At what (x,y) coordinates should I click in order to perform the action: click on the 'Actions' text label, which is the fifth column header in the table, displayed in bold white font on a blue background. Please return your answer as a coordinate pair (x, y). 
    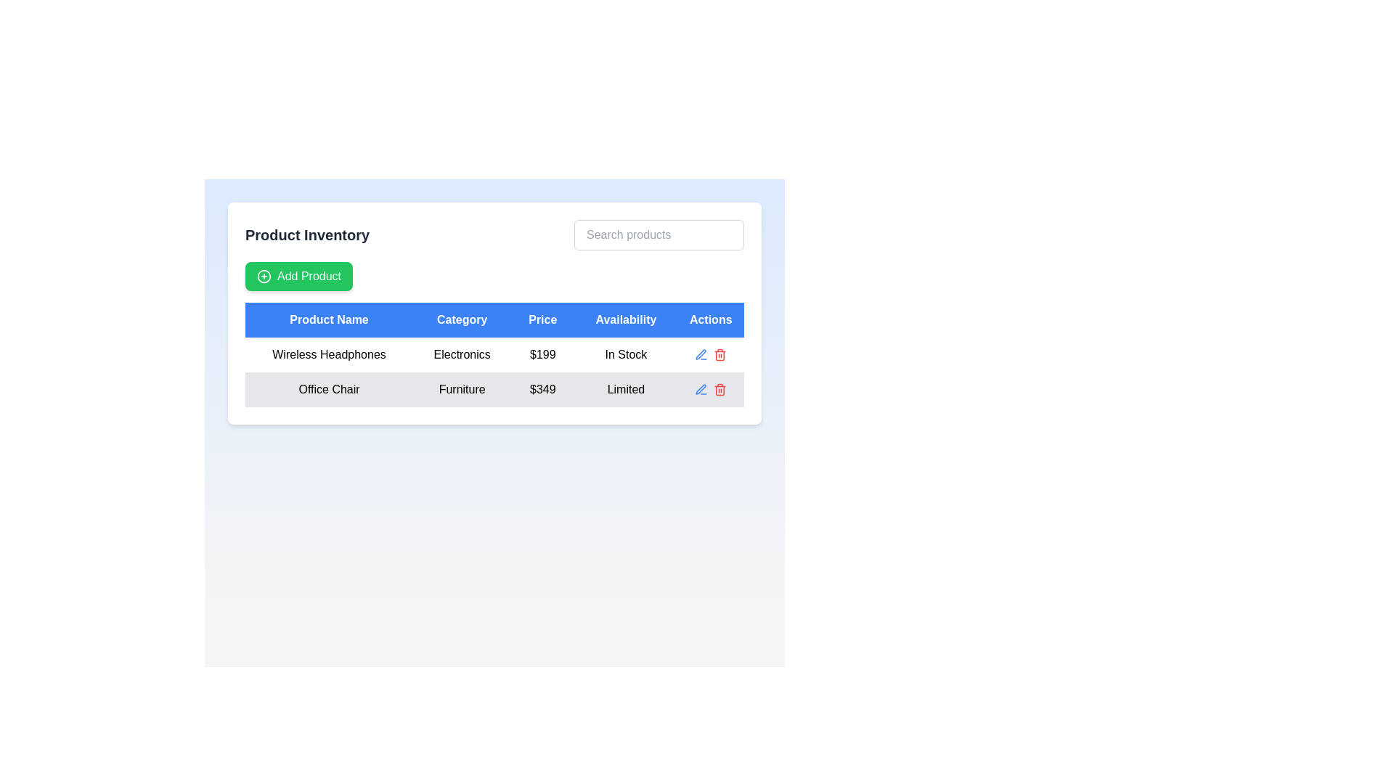
    Looking at the image, I should click on (711, 319).